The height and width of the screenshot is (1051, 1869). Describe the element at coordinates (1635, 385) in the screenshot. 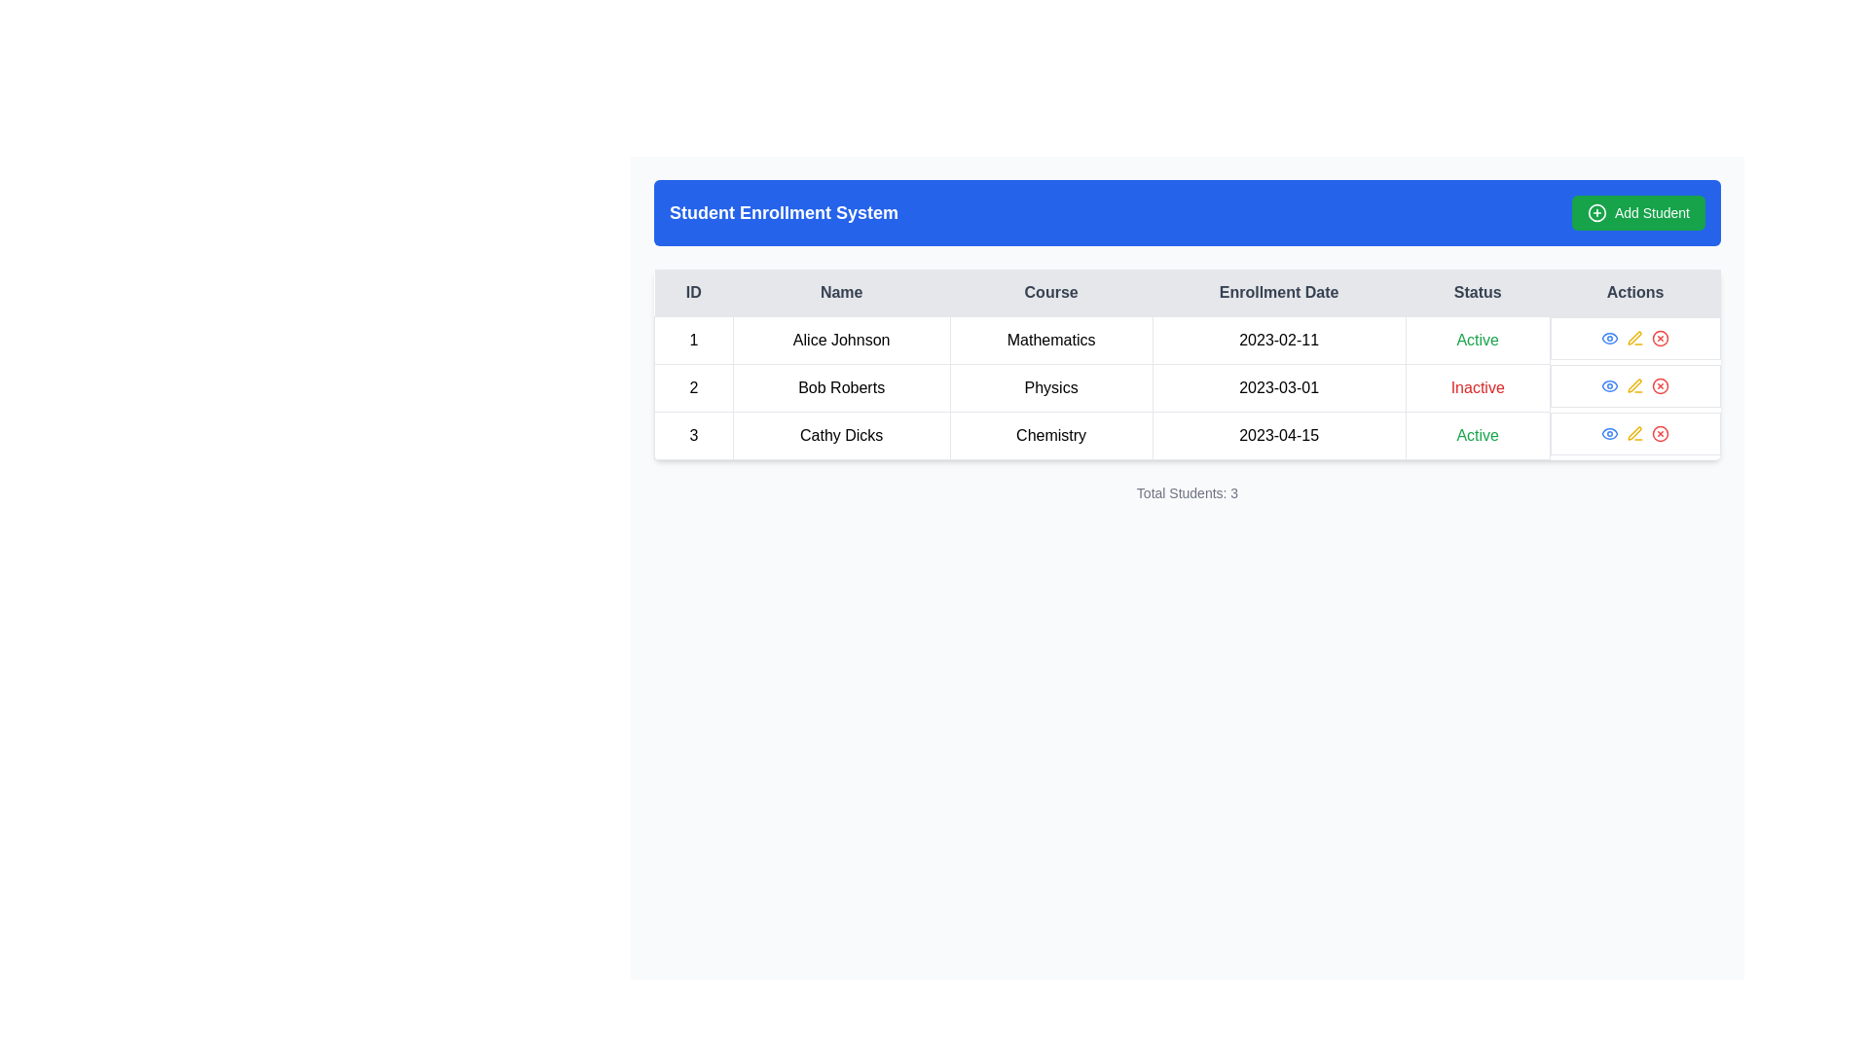

I see `the edit icon button in the 'Actions' column of the table, located next to the blue eye icon and before the red trash bin icon, to change its color` at that location.